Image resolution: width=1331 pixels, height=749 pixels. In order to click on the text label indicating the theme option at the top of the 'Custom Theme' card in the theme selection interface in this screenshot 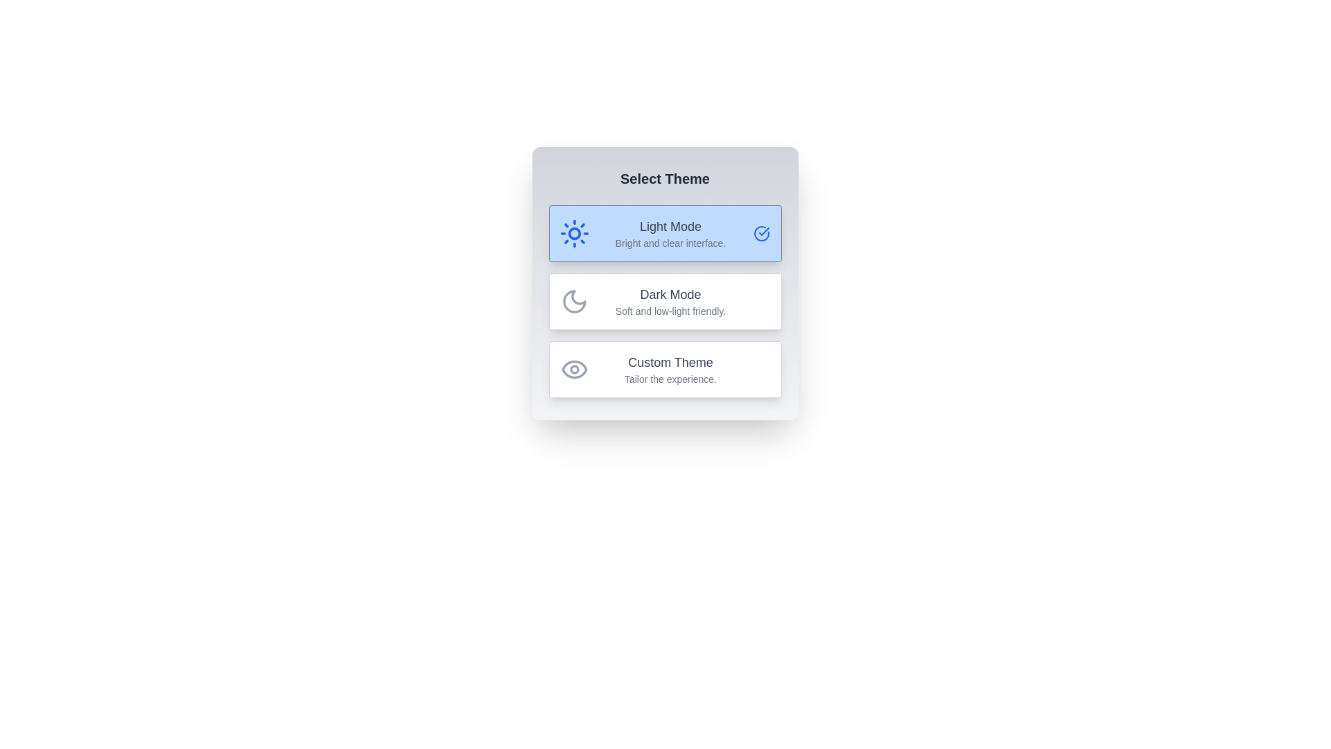, I will do `click(670, 362)`.